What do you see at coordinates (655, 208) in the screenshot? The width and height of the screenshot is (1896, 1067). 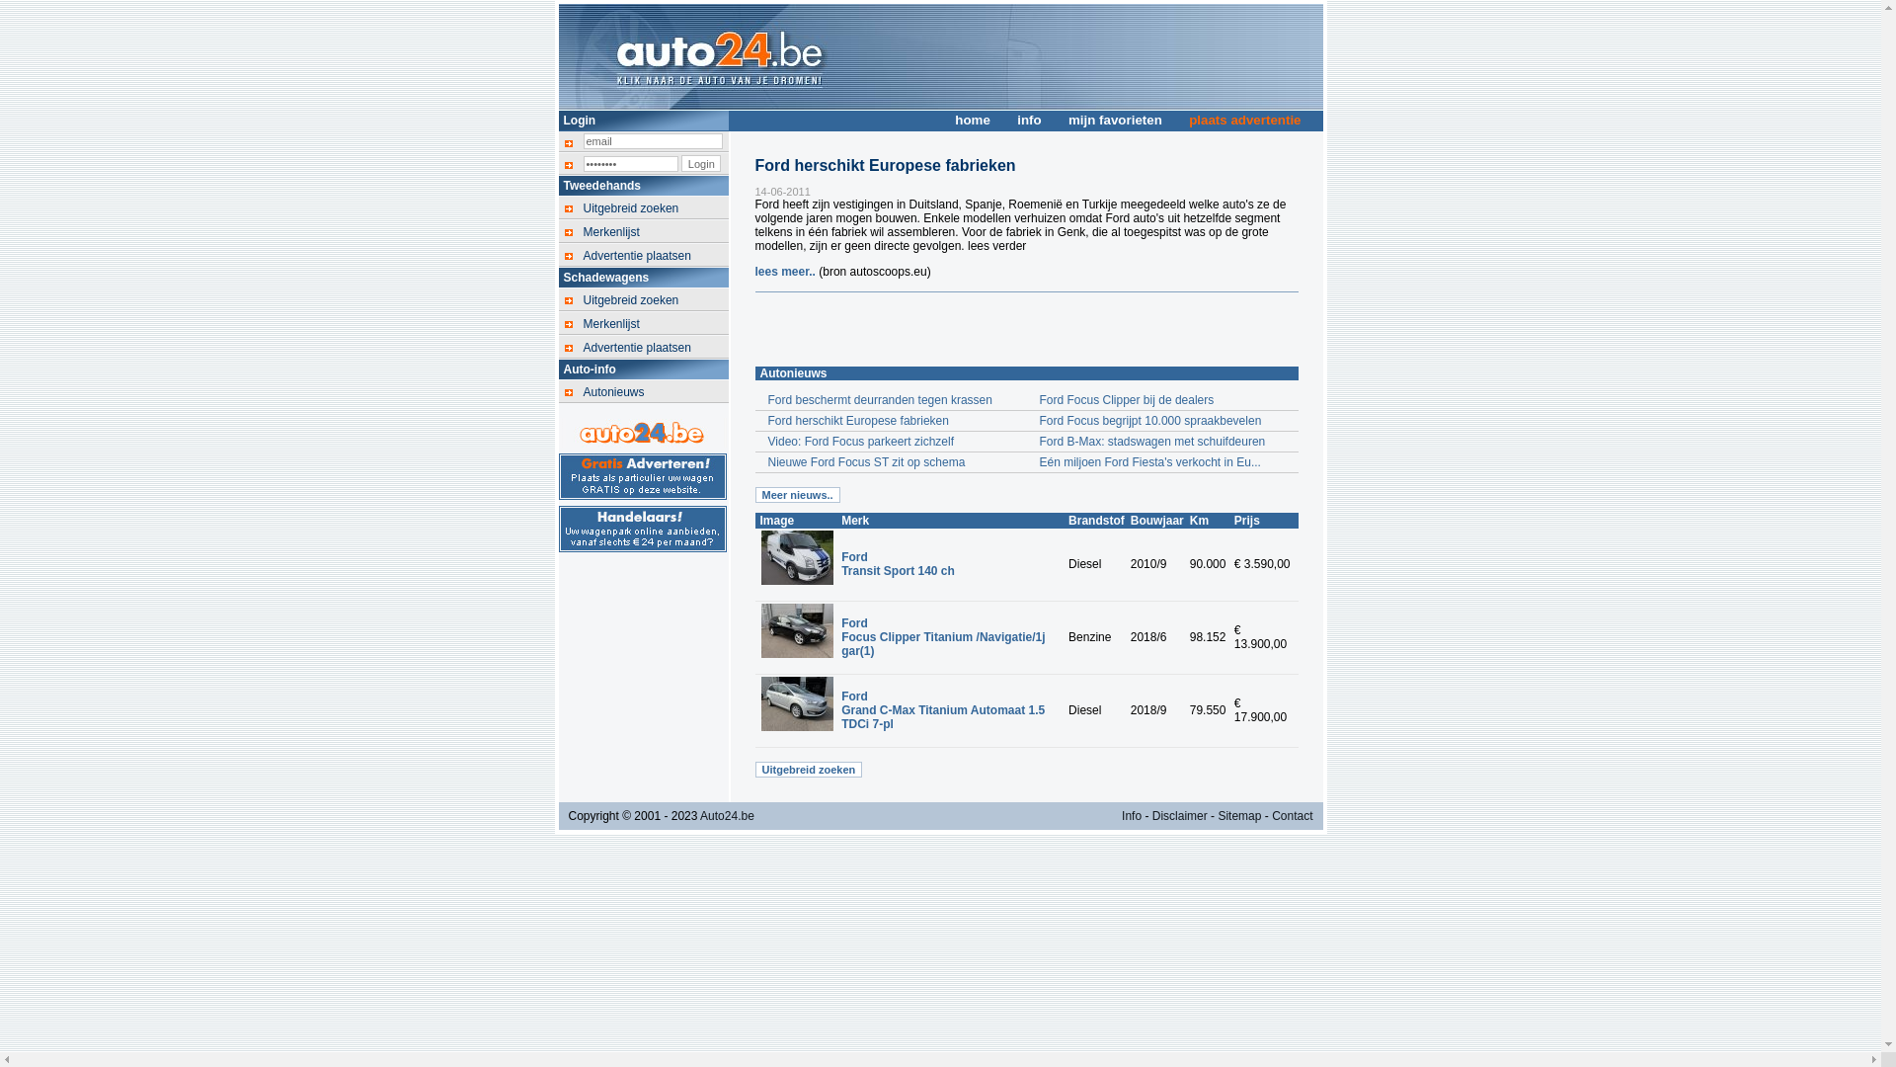 I see `'Uitgebreid zoeken'` at bounding box center [655, 208].